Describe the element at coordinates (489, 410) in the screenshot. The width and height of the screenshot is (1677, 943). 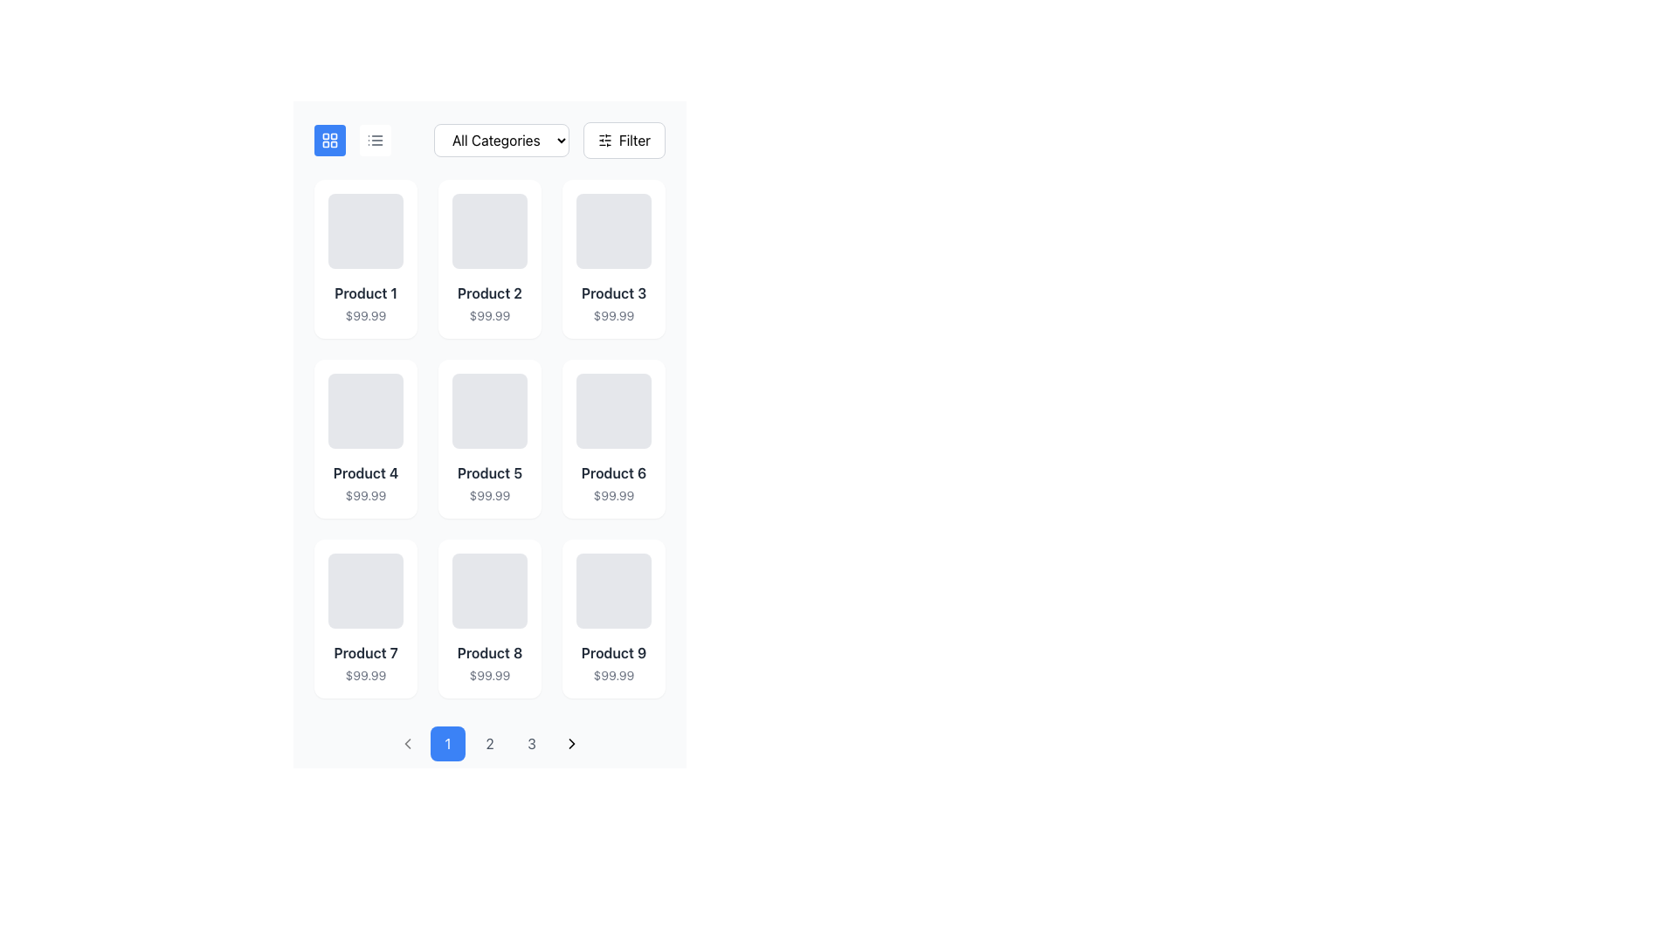
I see `the image placeholder for 'Product 5' priced at '$99.99'` at that location.